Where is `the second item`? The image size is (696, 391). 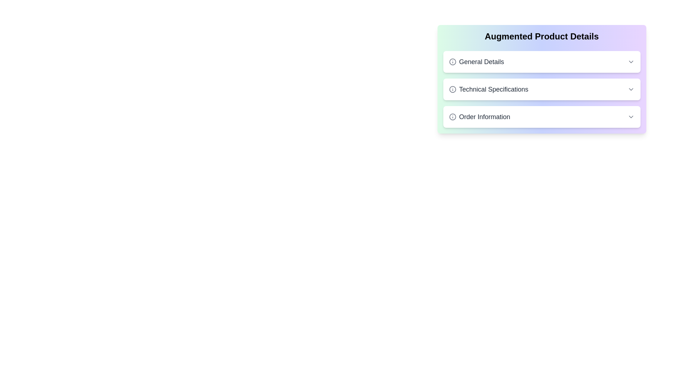 the second item is located at coordinates (542, 89).